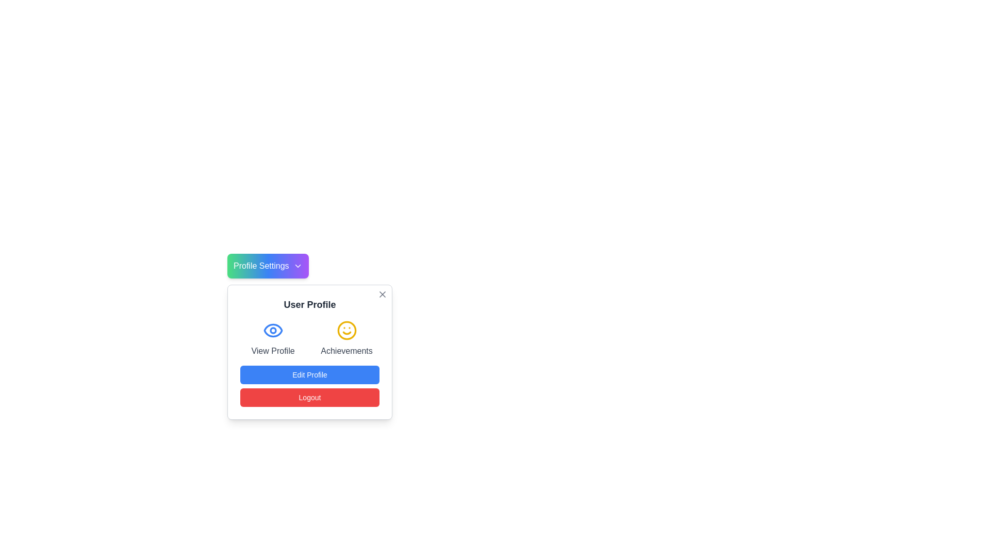 Image resolution: width=990 pixels, height=557 pixels. Describe the element at coordinates (346, 330) in the screenshot. I see `the circular icon component that is part of the smiley face design, located to the right of the 'Achievements' text in the user profile card` at that location.